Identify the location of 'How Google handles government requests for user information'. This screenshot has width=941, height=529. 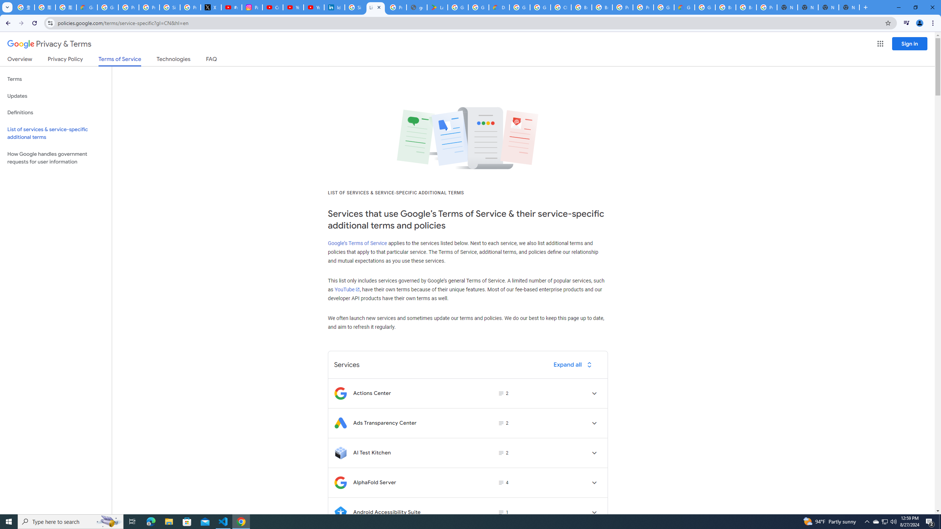
(56, 157).